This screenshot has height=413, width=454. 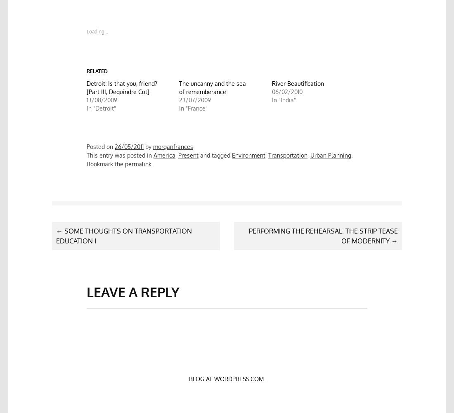 What do you see at coordinates (86, 159) in the screenshot?
I see `'. Bookmark the'` at bounding box center [86, 159].